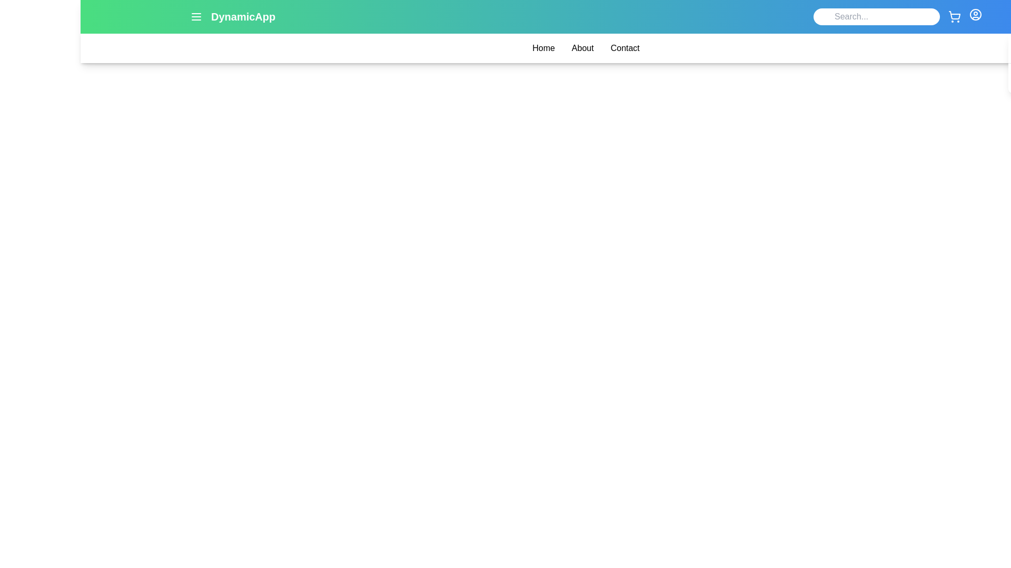  I want to click on the menu icon to toggle the menu visibility, so click(196, 16).